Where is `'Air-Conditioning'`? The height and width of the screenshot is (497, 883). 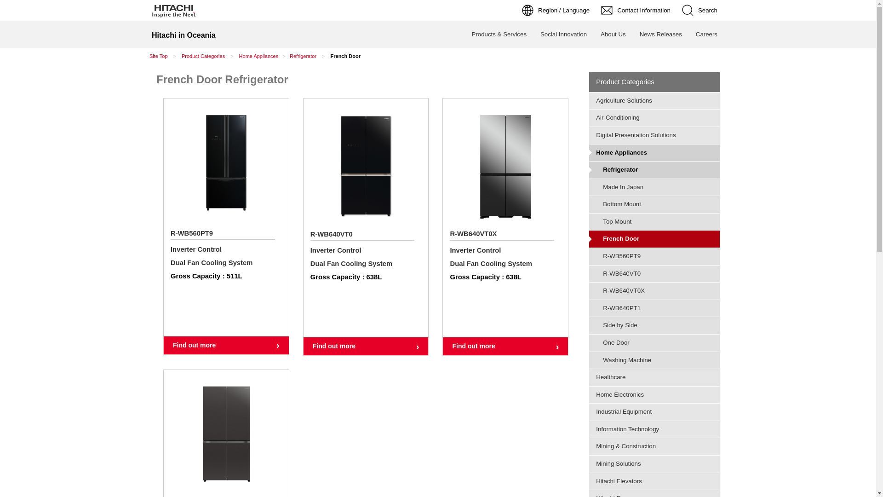
'Air-Conditioning' is located at coordinates (654, 117).